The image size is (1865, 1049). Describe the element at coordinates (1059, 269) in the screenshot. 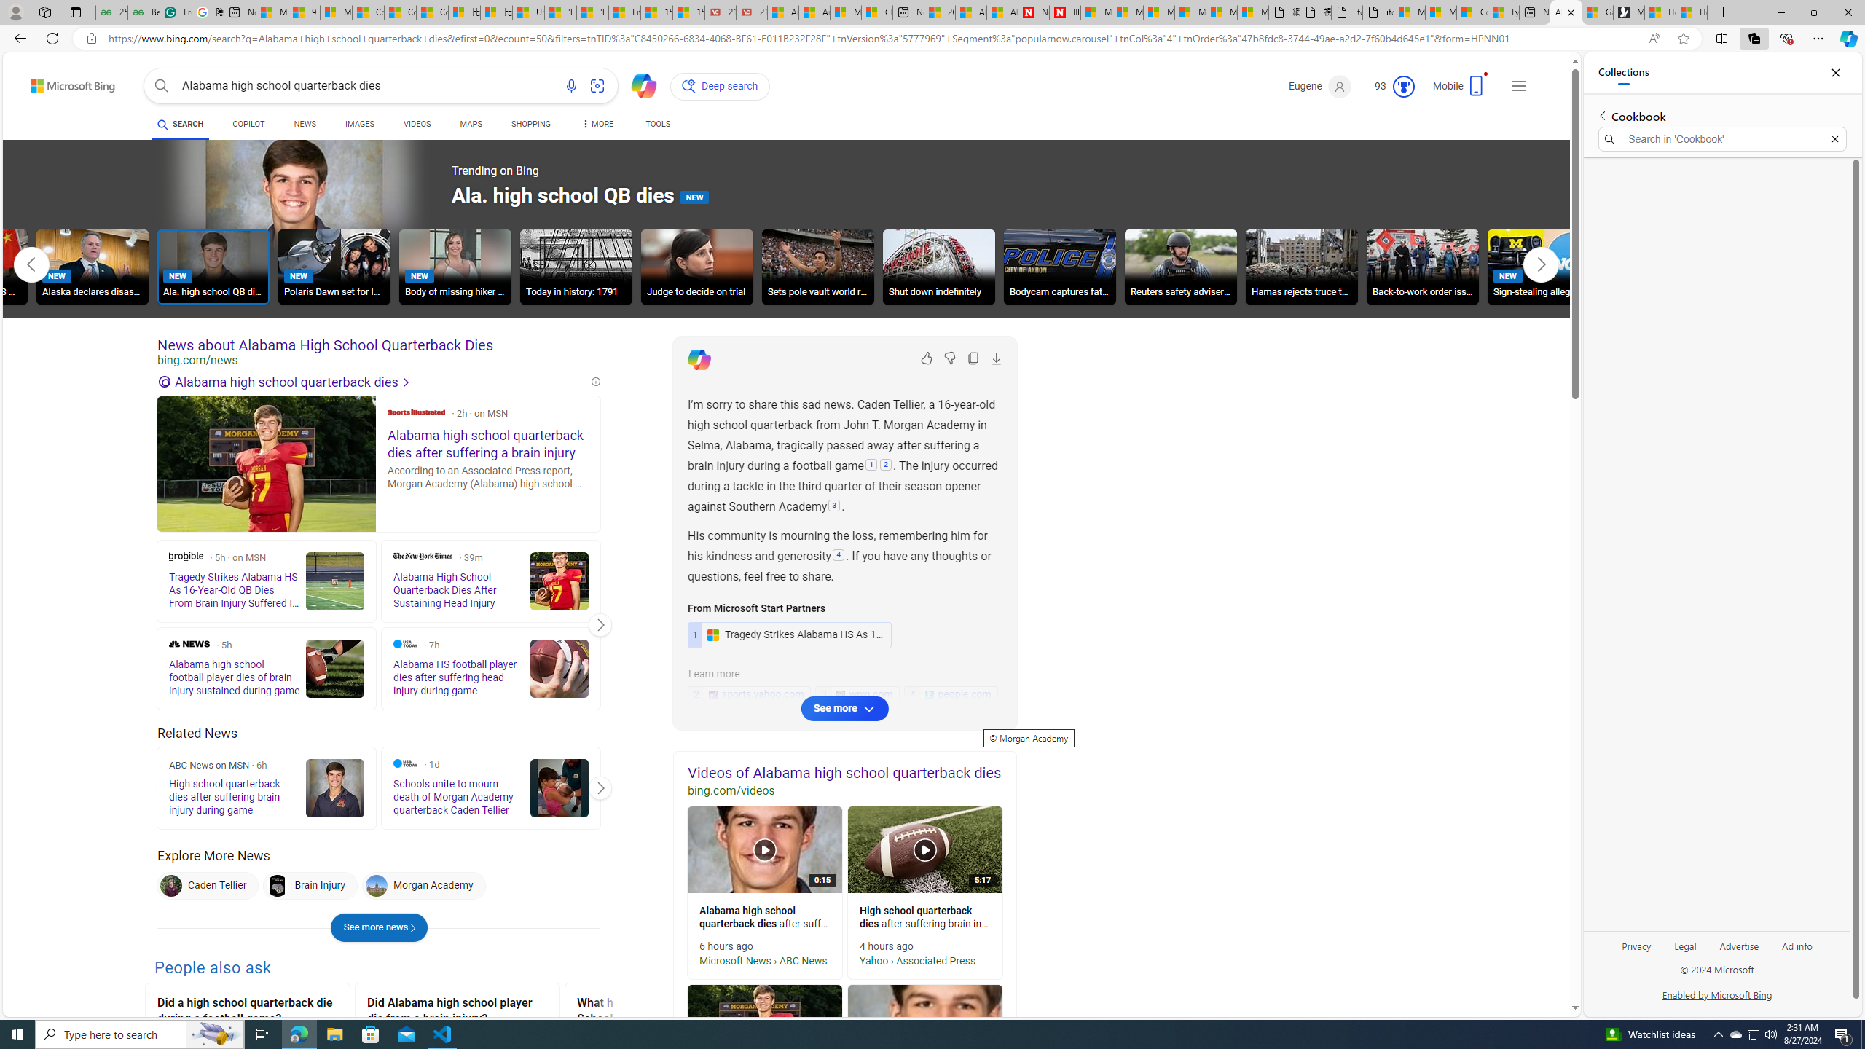

I see `'Bodycam captures fatal shot'` at that location.